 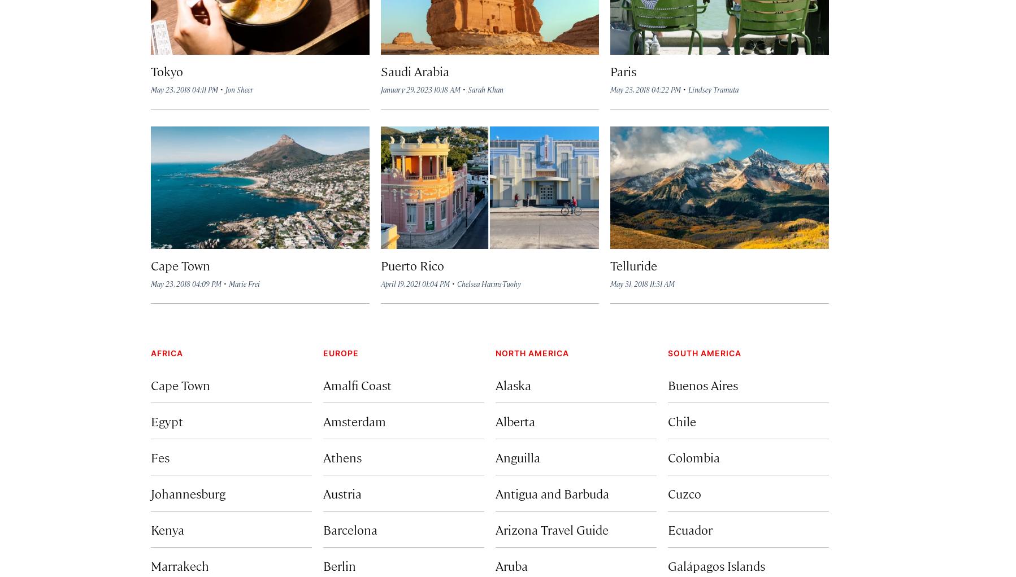 I want to click on 'Berlin', so click(x=339, y=565).